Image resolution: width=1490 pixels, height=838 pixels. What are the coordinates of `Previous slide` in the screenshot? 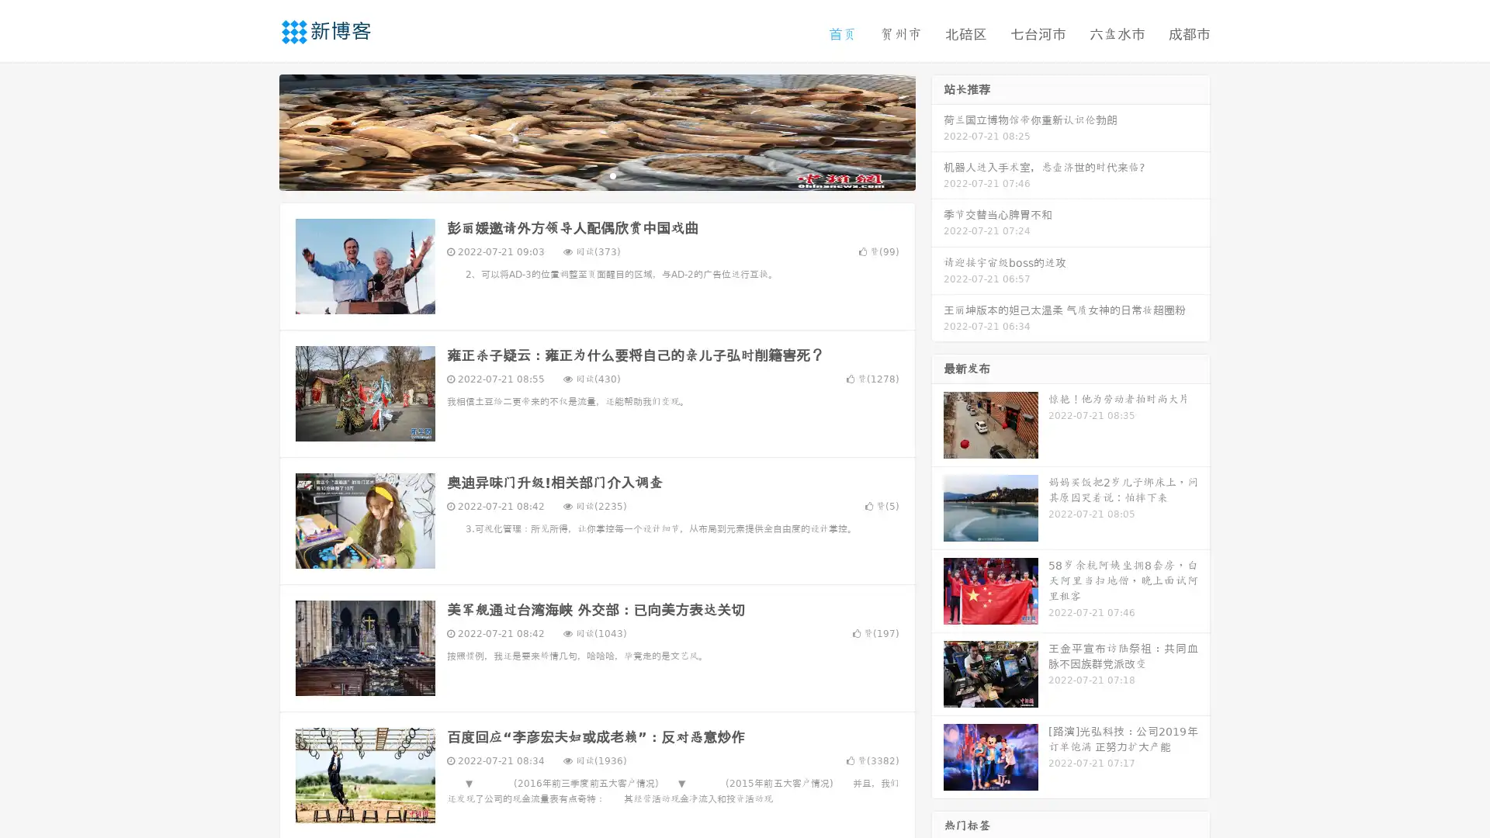 It's located at (256, 130).